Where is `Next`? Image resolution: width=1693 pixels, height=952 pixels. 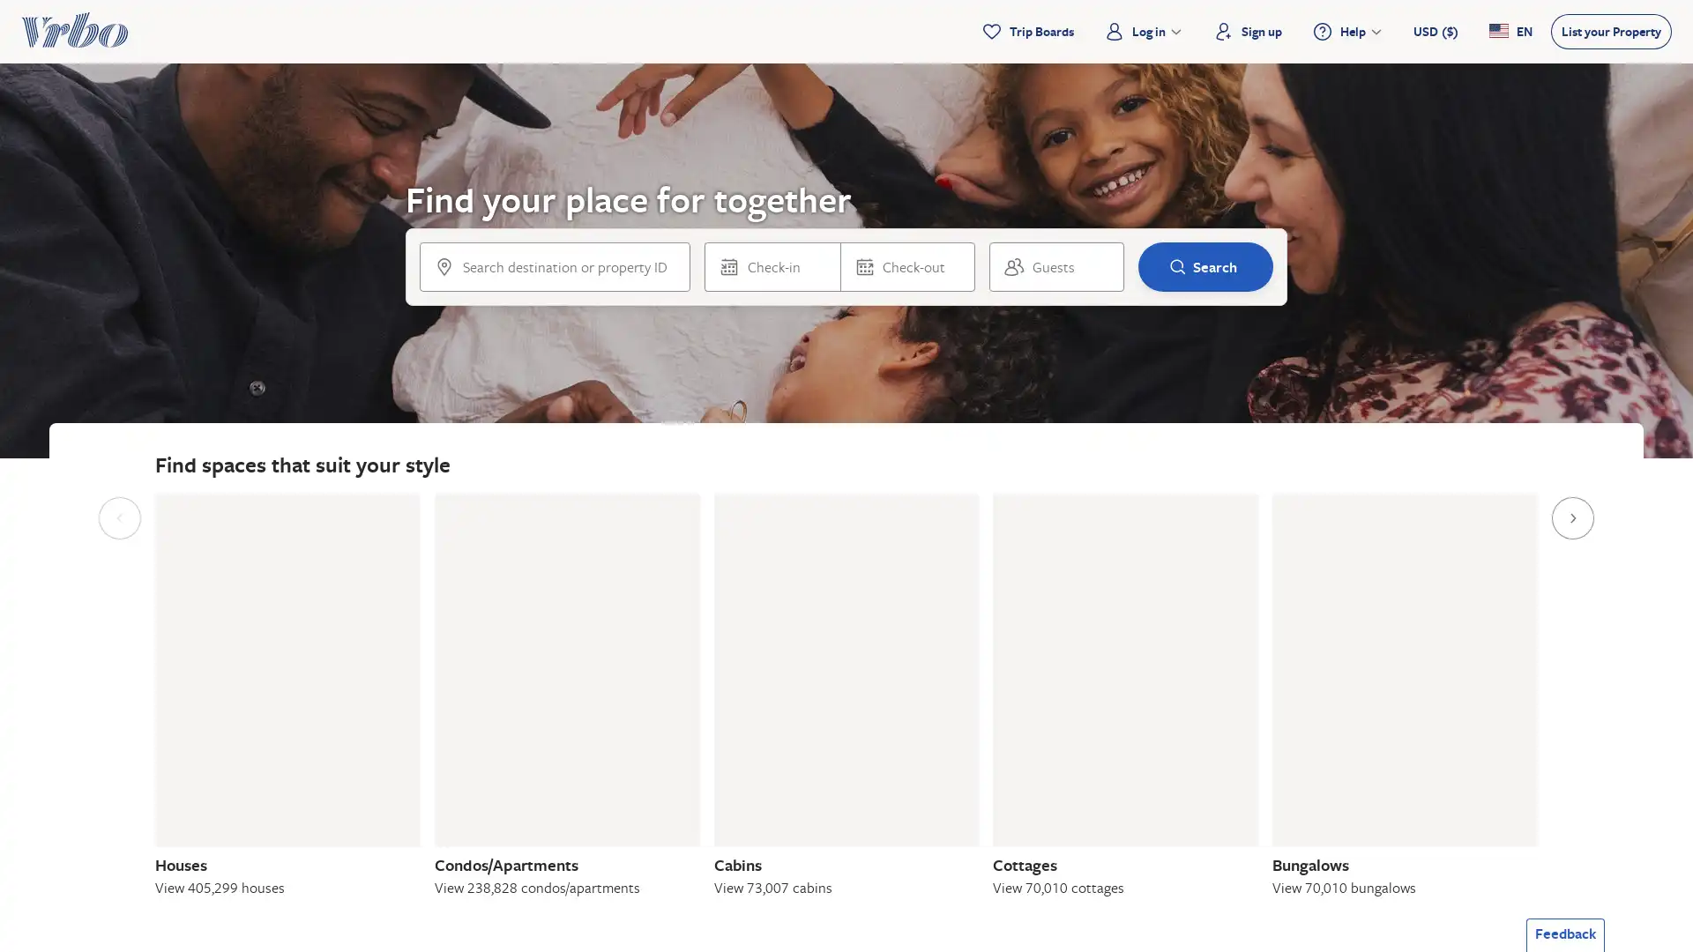 Next is located at coordinates (1573, 674).